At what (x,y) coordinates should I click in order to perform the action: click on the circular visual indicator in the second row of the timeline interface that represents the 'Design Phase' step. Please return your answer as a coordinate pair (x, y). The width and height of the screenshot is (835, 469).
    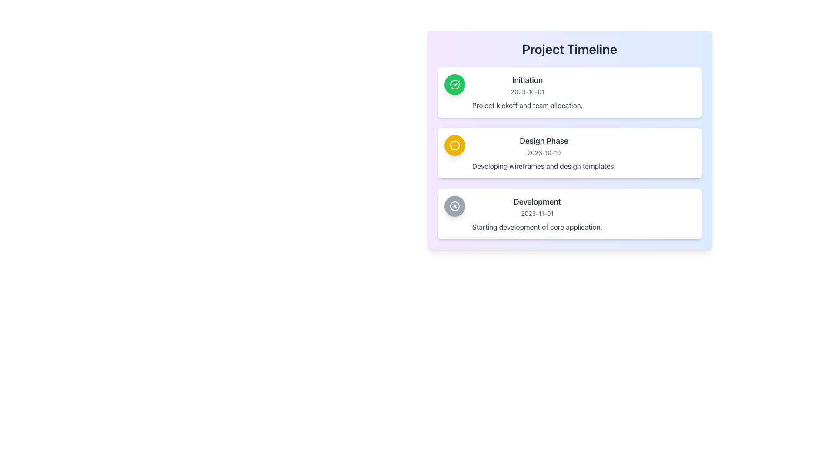
    Looking at the image, I should click on (454, 145).